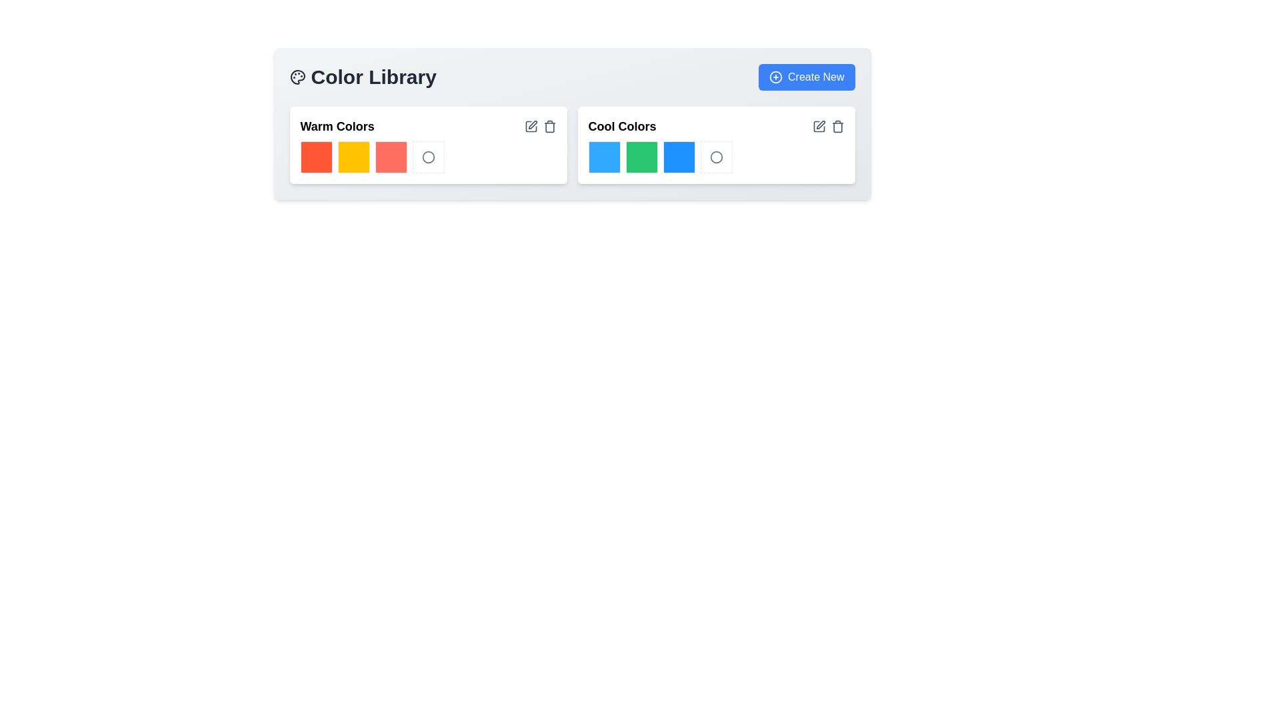  Describe the element at coordinates (428, 156) in the screenshot. I see `the button with a dashed border and a circular gray icon, located in the 'Warm Colors' section` at that location.